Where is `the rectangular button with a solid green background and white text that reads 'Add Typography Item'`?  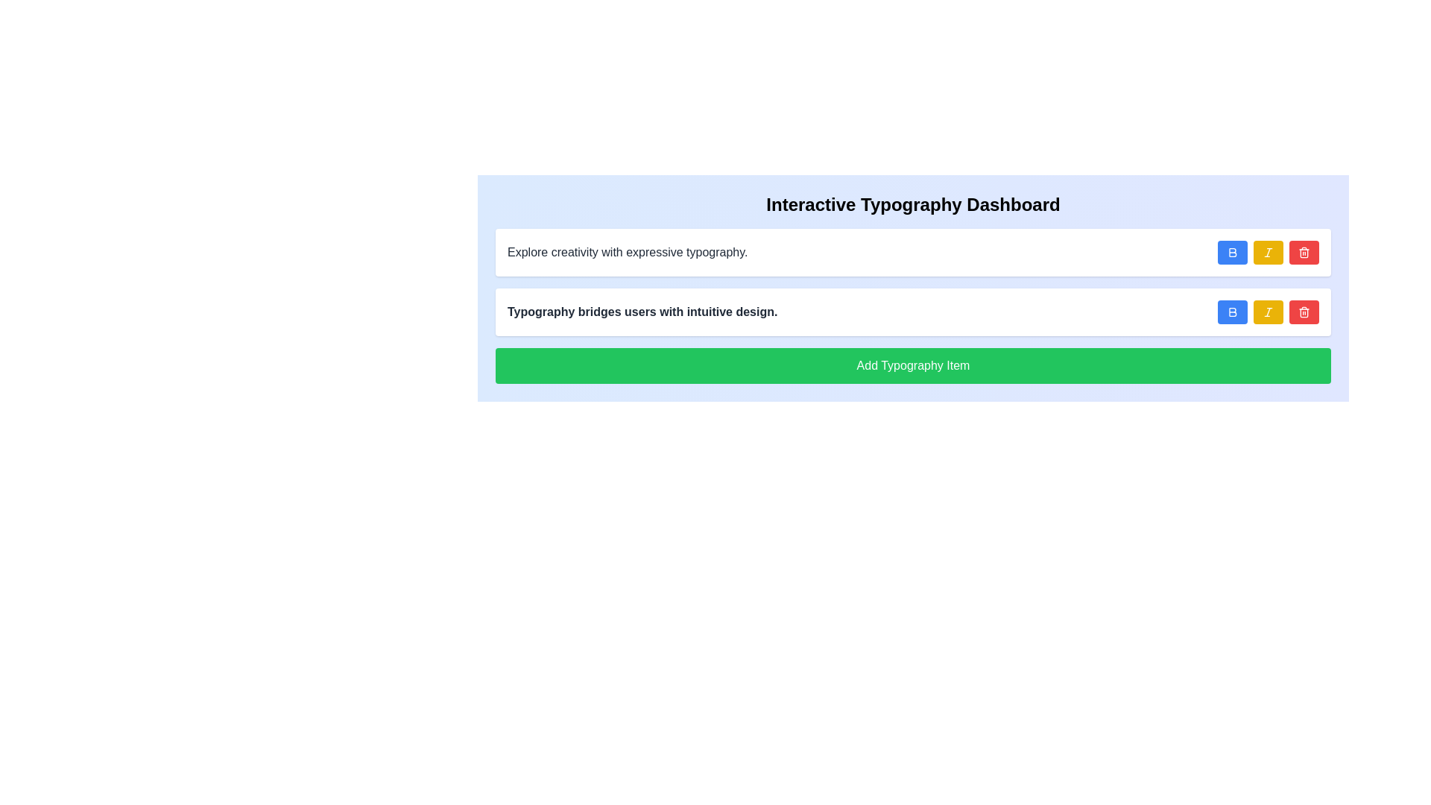 the rectangular button with a solid green background and white text that reads 'Add Typography Item' is located at coordinates (912, 365).